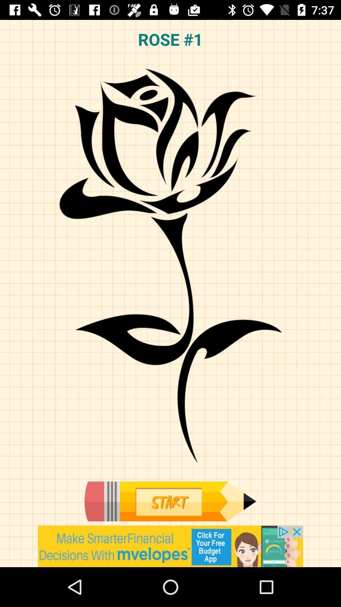  I want to click on give advertisement information, so click(170, 546).